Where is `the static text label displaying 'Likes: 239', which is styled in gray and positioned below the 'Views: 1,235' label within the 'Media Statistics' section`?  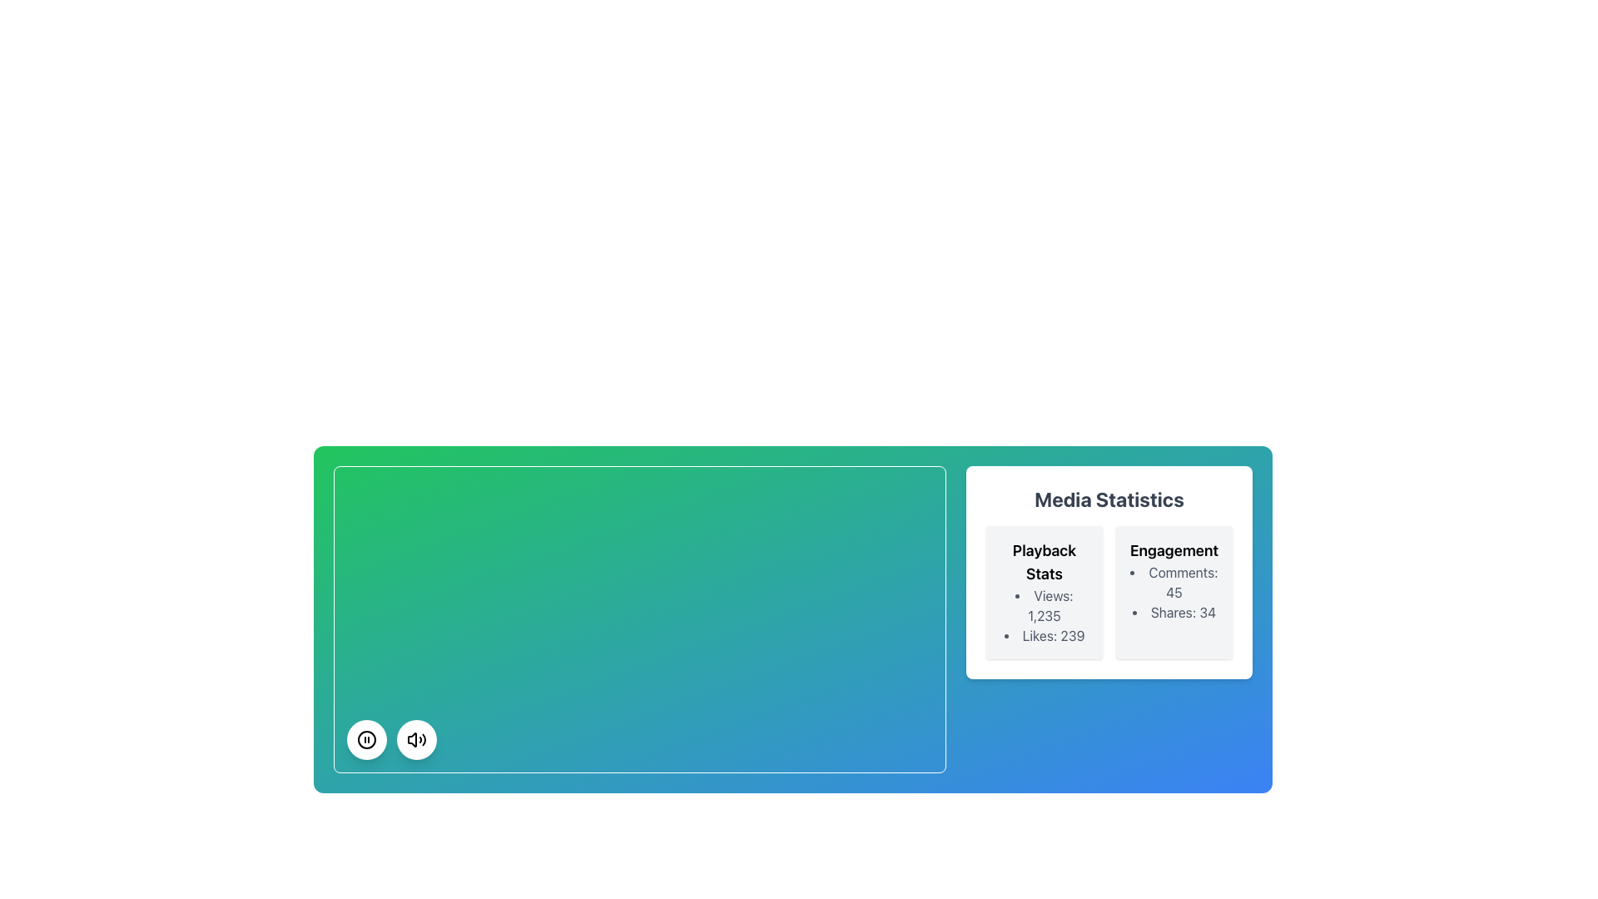 the static text label displaying 'Likes: 239', which is styled in gray and positioned below the 'Views: 1,235' label within the 'Media Statistics' section is located at coordinates (1043, 635).